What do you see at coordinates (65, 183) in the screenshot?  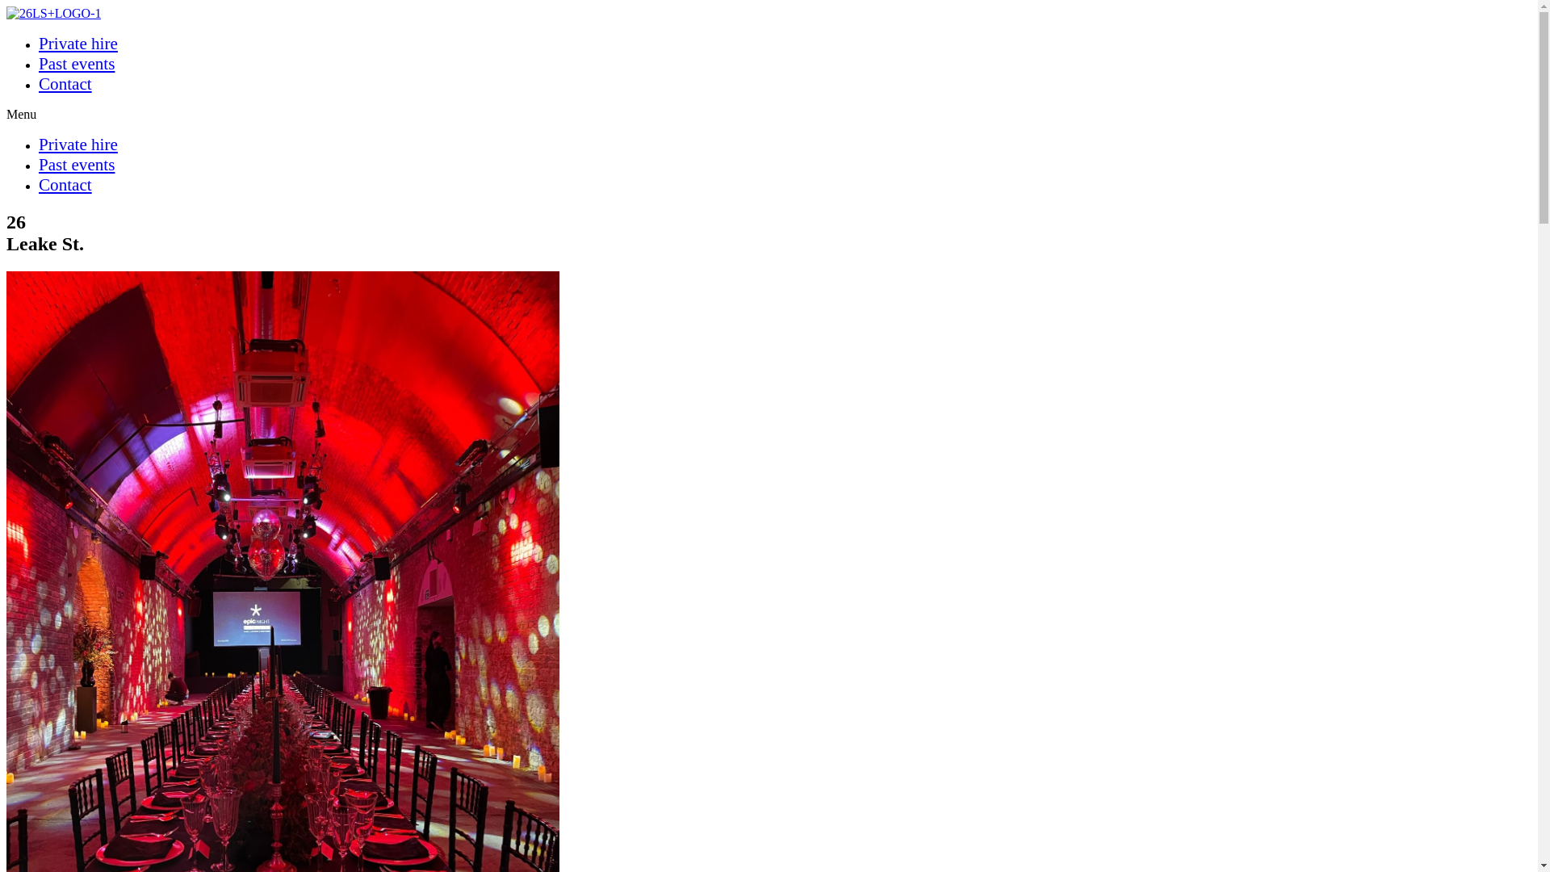 I see `'Contact'` at bounding box center [65, 183].